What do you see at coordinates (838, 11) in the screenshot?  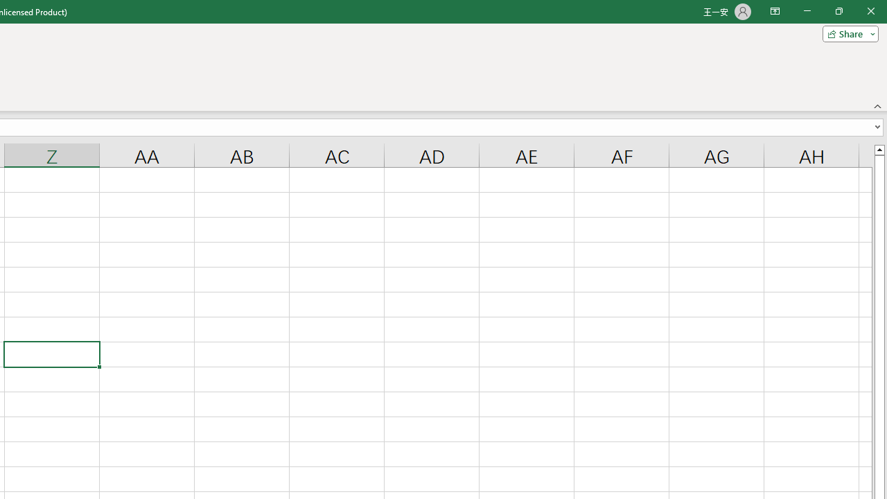 I see `'Restore Down'` at bounding box center [838, 11].